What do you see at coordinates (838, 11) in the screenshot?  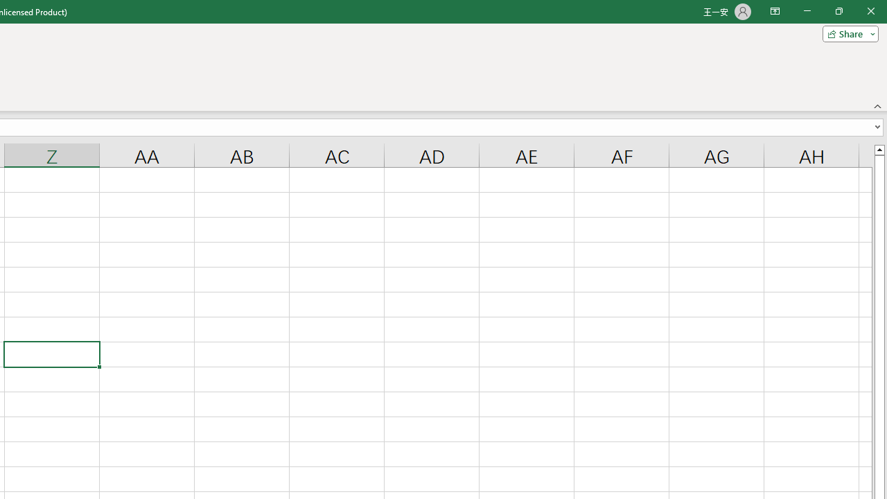 I see `'Restore Down'` at bounding box center [838, 11].